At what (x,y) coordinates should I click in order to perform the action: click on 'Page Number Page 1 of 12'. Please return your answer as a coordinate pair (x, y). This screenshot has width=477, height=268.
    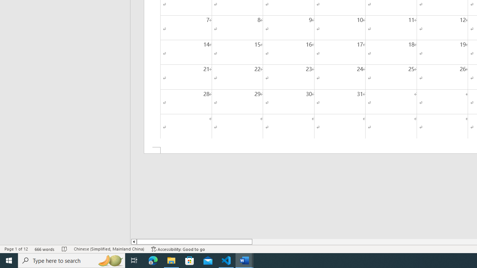
    Looking at the image, I should click on (16, 249).